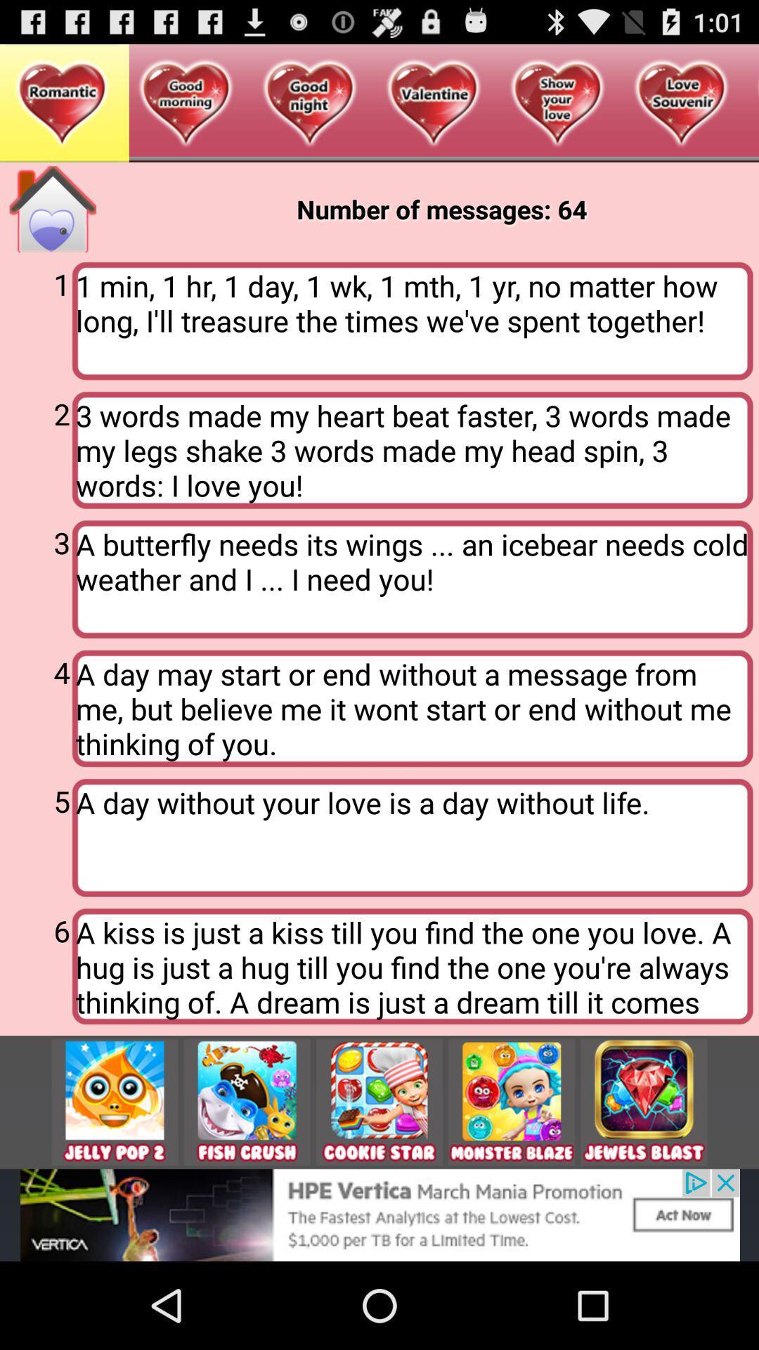 The width and height of the screenshot is (759, 1350). What do you see at coordinates (644, 1101) in the screenshot?
I see `game` at bounding box center [644, 1101].